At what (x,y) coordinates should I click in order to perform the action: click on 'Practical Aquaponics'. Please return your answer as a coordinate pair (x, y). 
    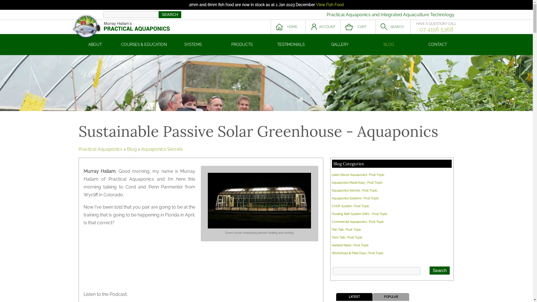
    Looking at the image, I should click on (78, 149).